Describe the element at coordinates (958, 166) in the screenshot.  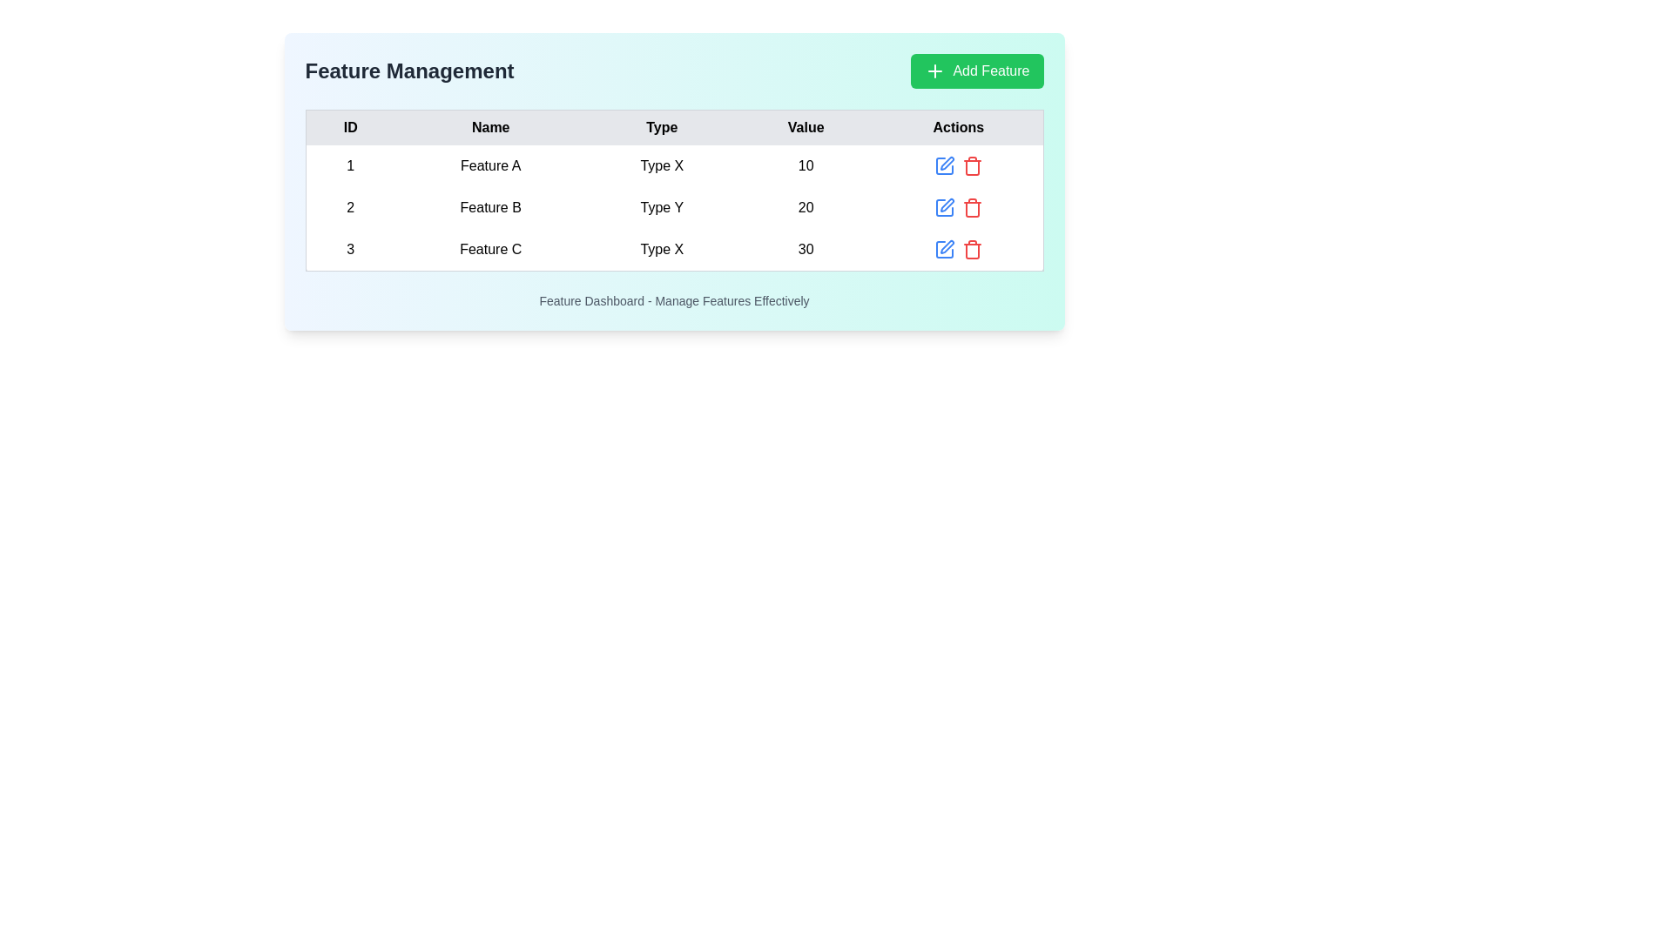
I see `the blue pencil icon in the 'Actions' column of the first row to initiate editing of the row` at that location.